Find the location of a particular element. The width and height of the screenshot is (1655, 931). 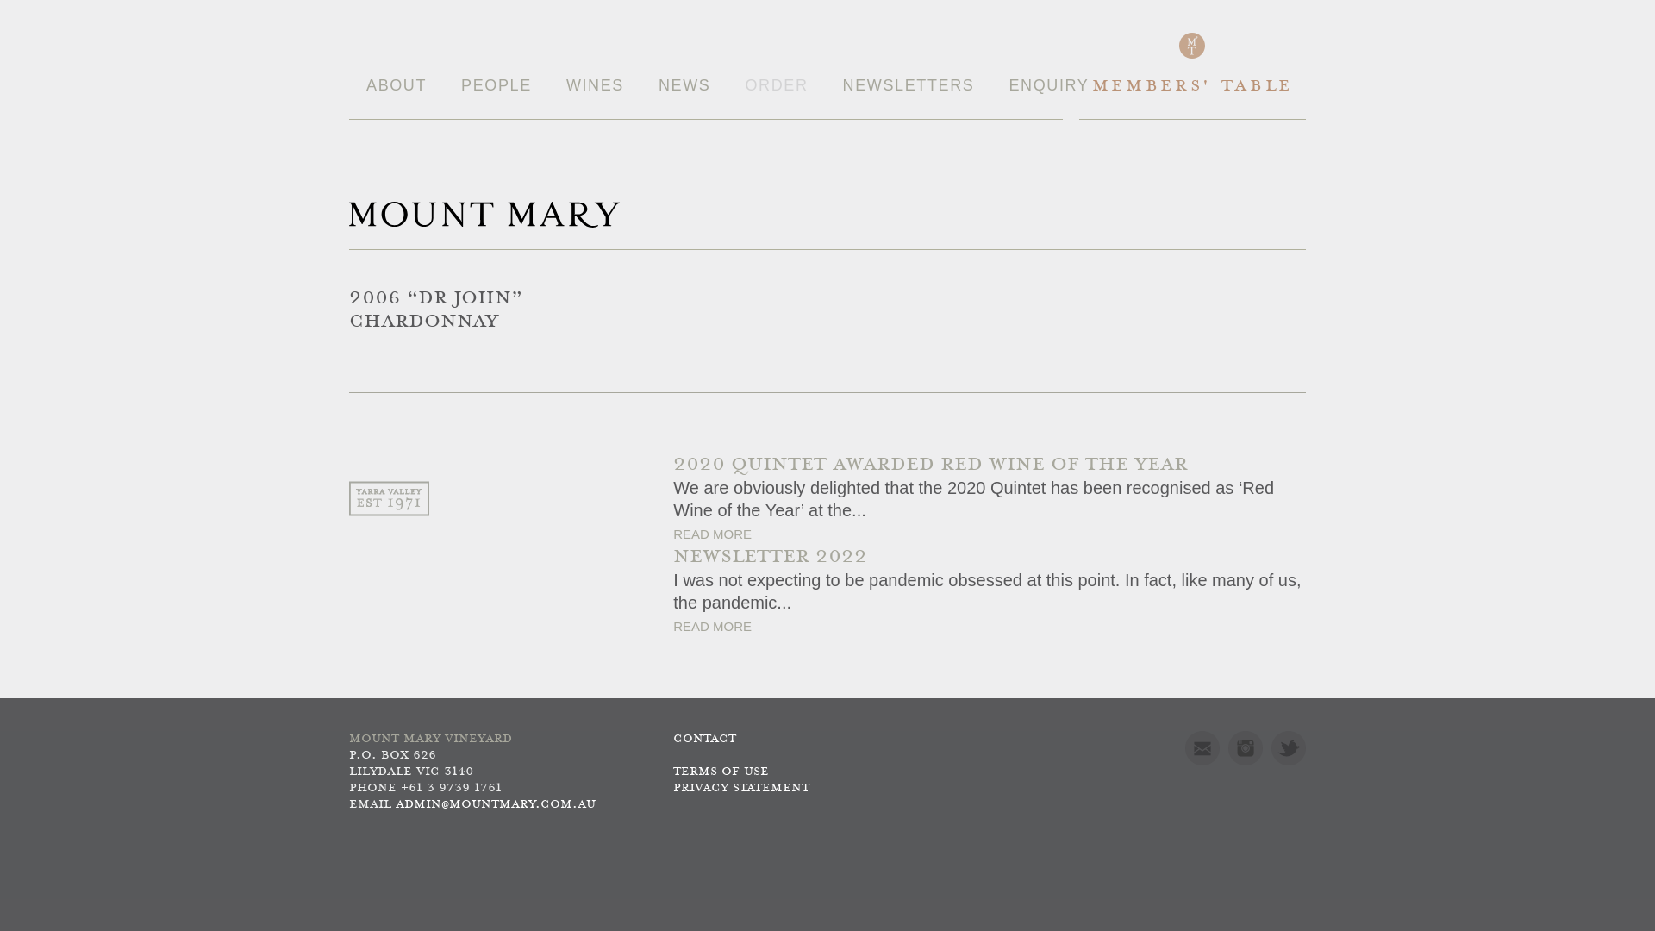

'MAIL' is located at coordinates (1183, 747).